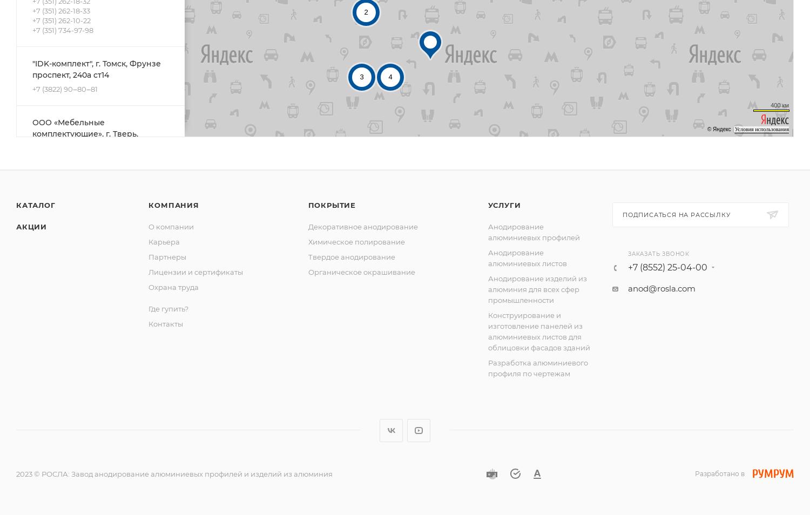 Image resolution: width=810 pixels, height=515 pixels. Describe the element at coordinates (59, 227) in the screenshot. I see `'8 (988) 733-15-12'` at that location.